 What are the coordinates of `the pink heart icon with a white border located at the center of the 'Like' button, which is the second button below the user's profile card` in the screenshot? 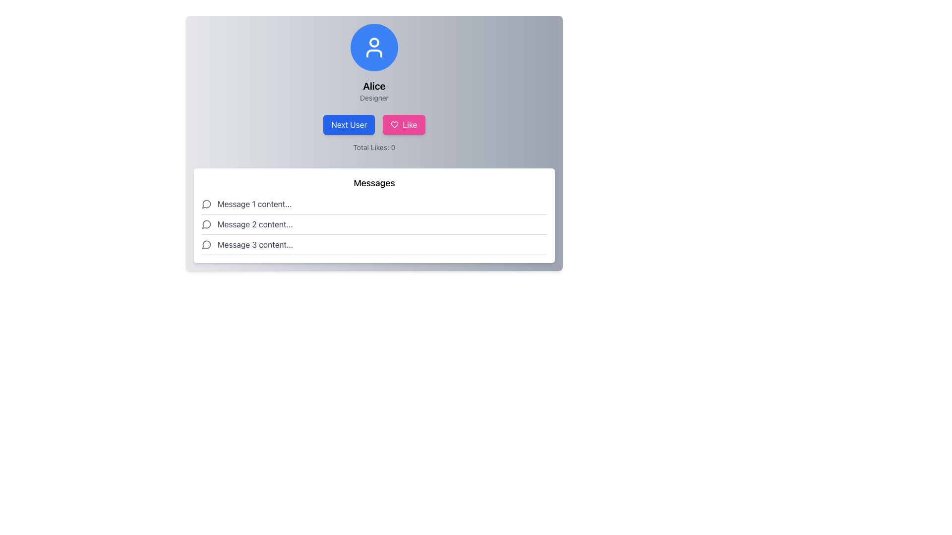 It's located at (394, 124).